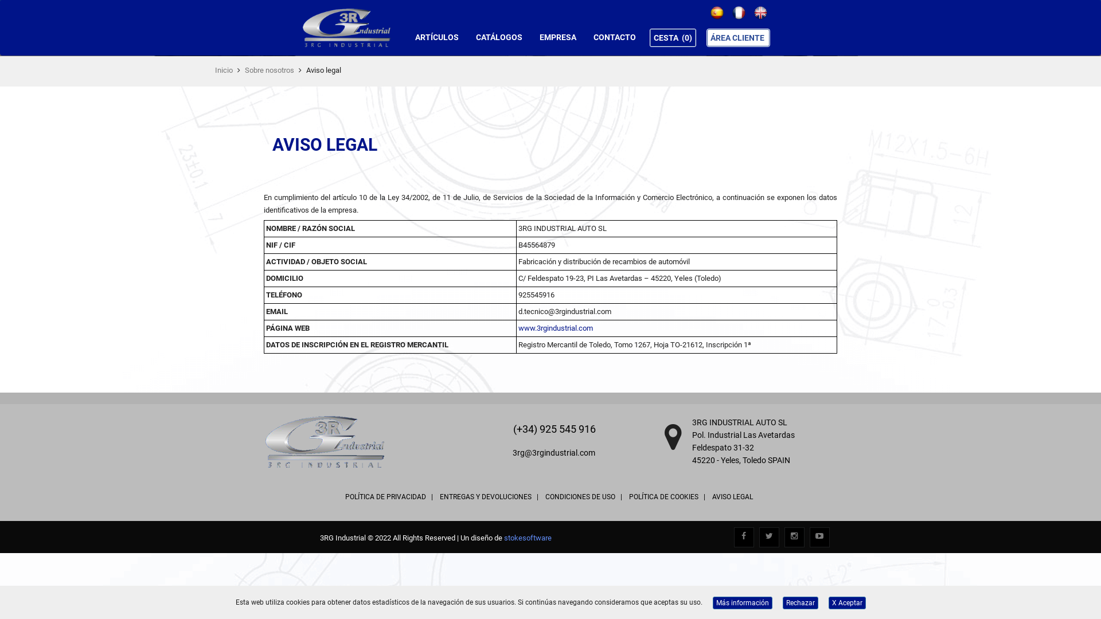 The width and height of the screenshot is (1101, 619). I want to click on 'CONTACTO', so click(614, 37).